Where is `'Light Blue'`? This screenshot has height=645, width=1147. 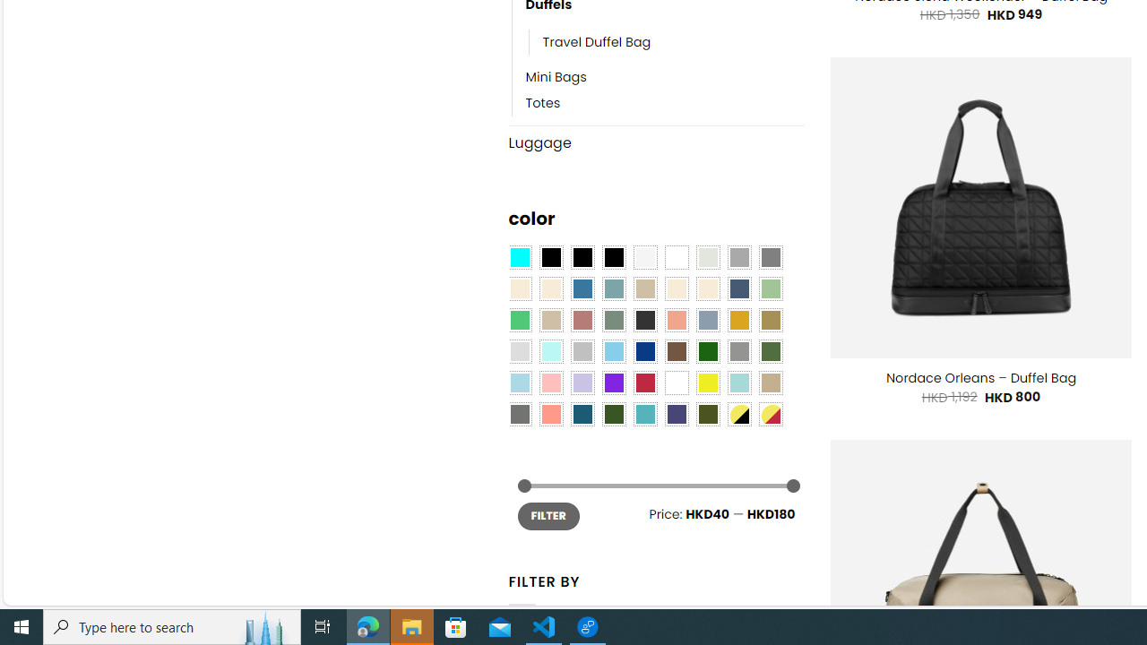
'Light Blue' is located at coordinates (518, 382).